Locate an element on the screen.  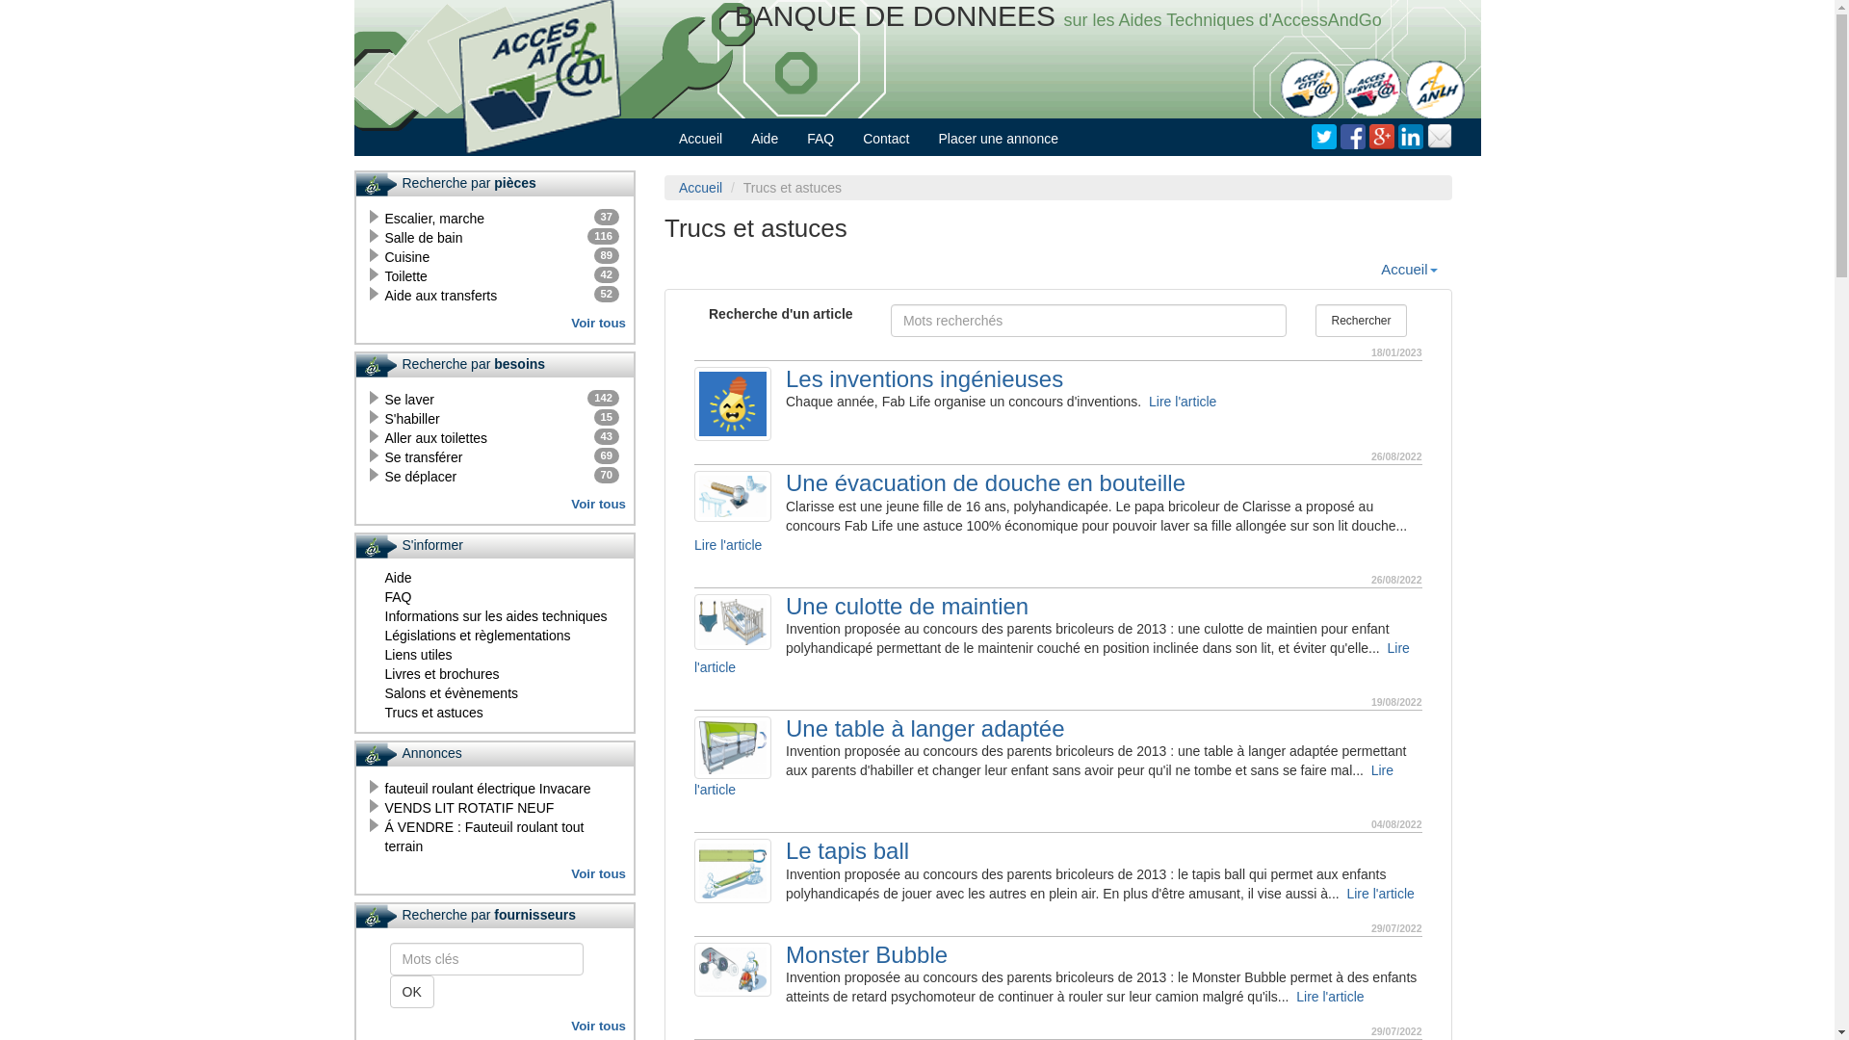
'Recherche par besoins' is located at coordinates (495, 365).